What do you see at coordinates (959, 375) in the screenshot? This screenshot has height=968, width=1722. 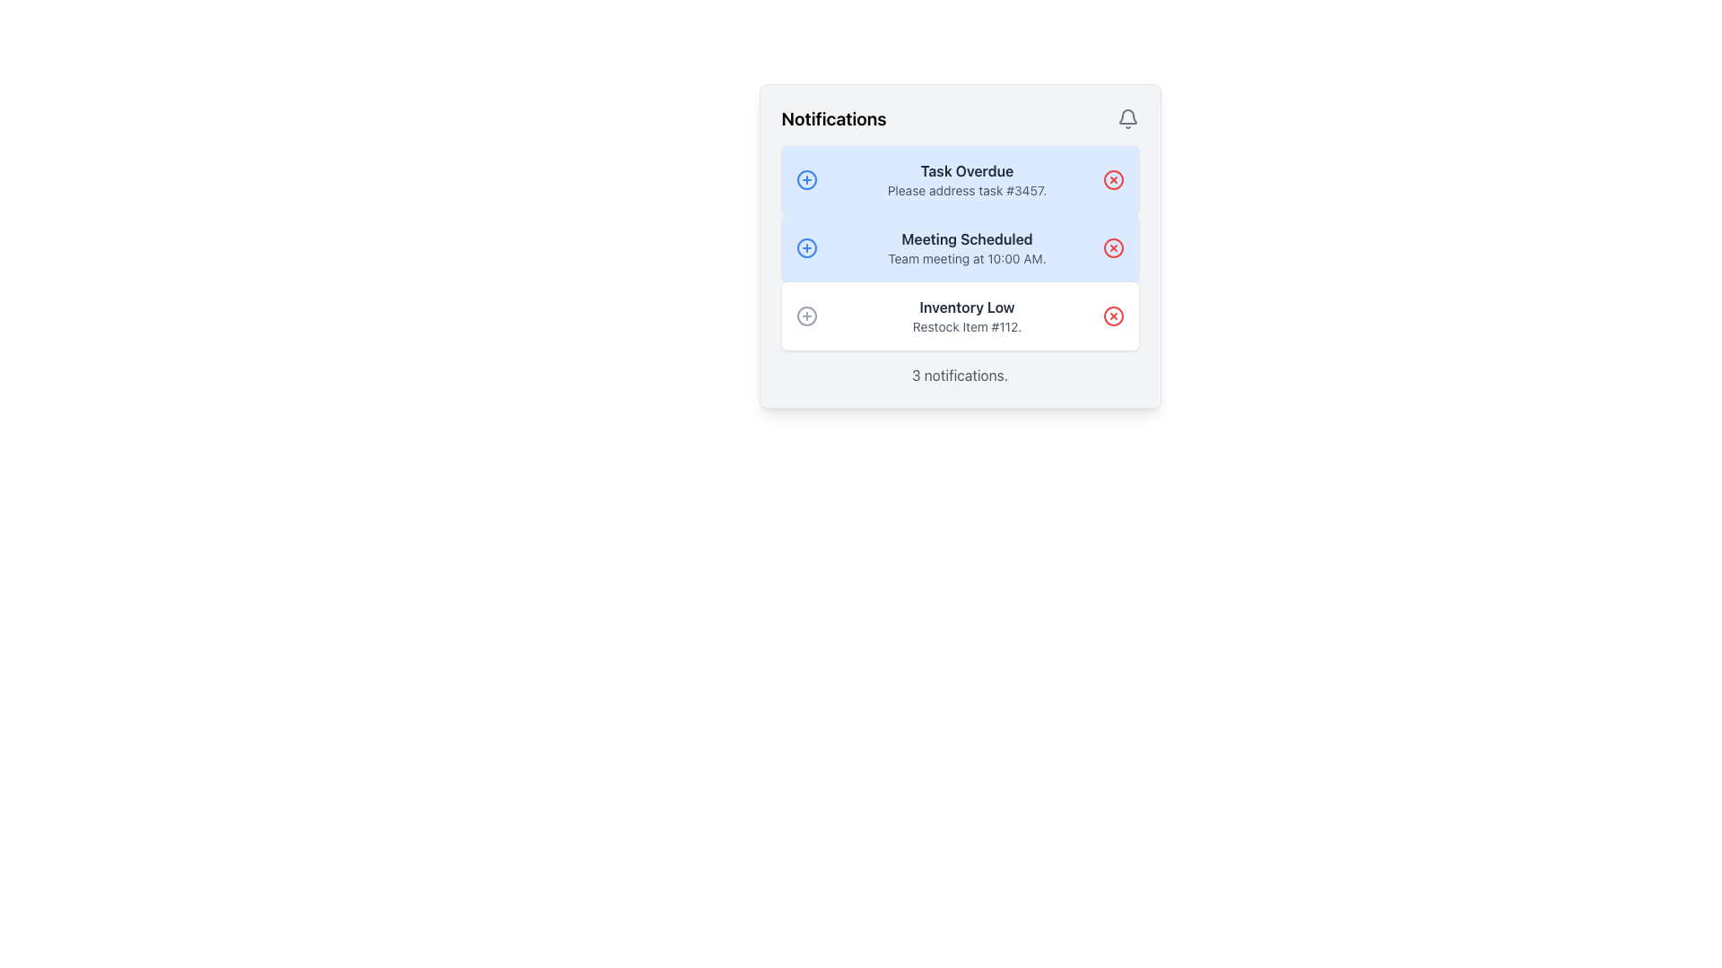 I see `the static text label that displays the total count of notifications, located at the bottom of the notifications card` at bounding box center [959, 375].